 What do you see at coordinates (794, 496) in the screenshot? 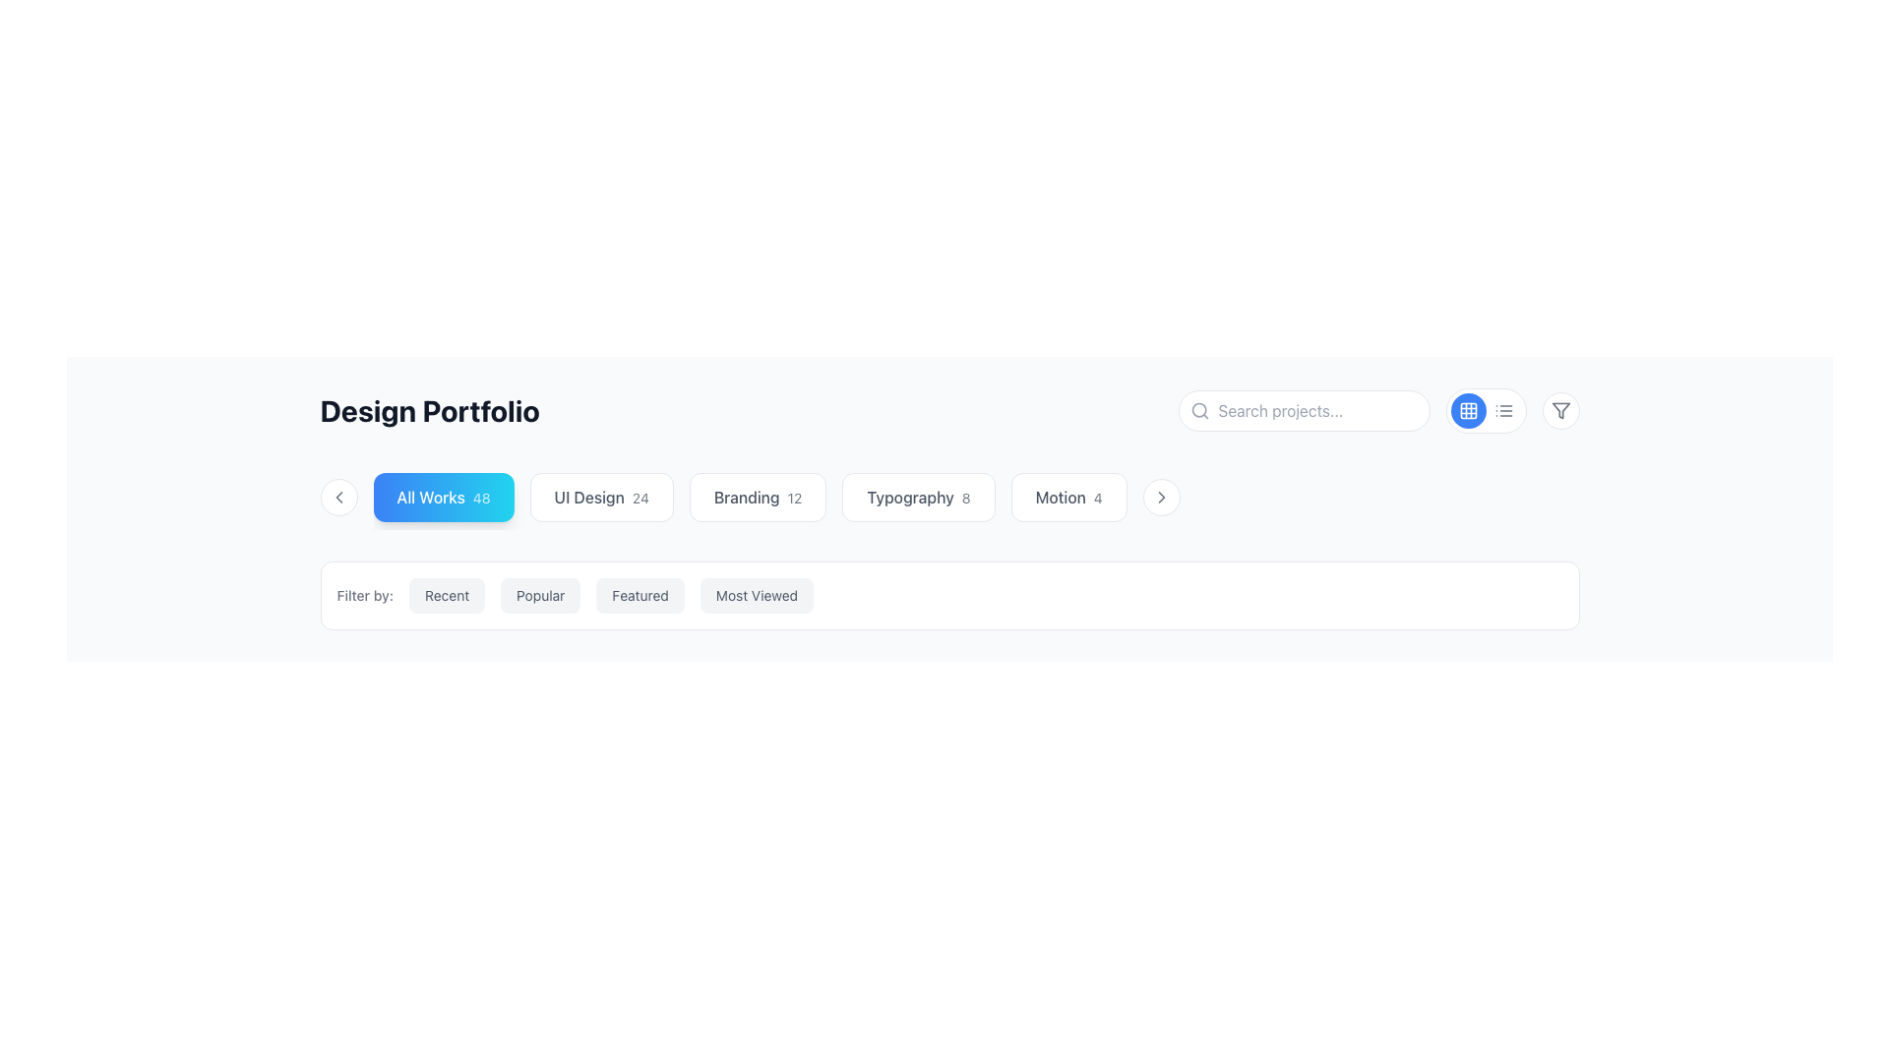
I see `the text label that represents a count or secondary information related to the 'Branding' category, located to the right of the 'Branding' button-like component` at bounding box center [794, 496].